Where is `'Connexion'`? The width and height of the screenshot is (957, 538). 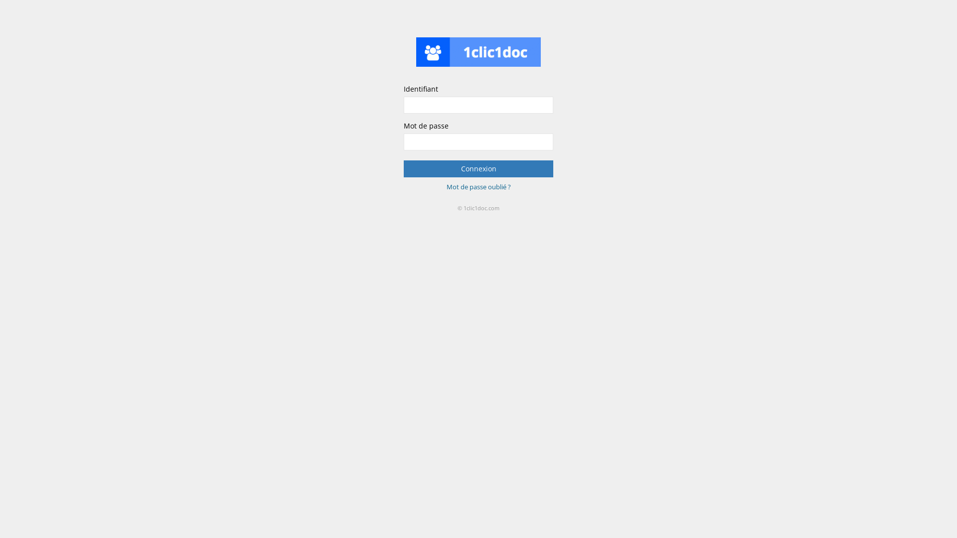
'Connexion' is located at coordinates (478, 168).